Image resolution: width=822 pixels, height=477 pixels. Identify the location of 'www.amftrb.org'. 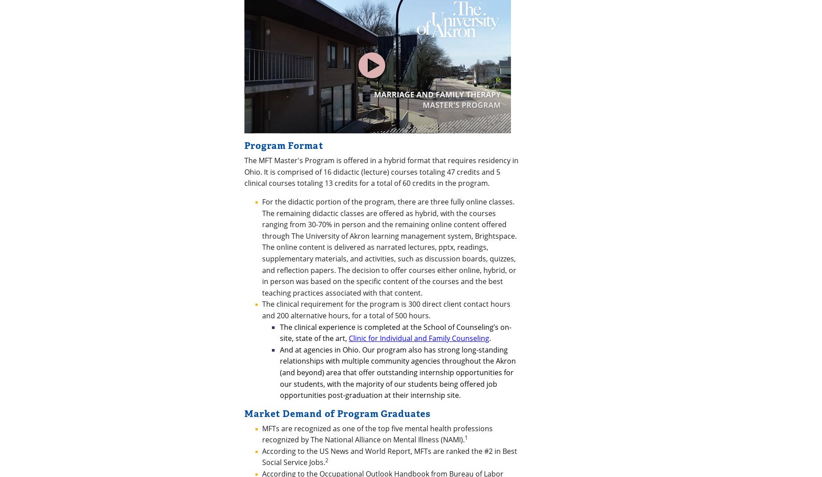
(274, 160).